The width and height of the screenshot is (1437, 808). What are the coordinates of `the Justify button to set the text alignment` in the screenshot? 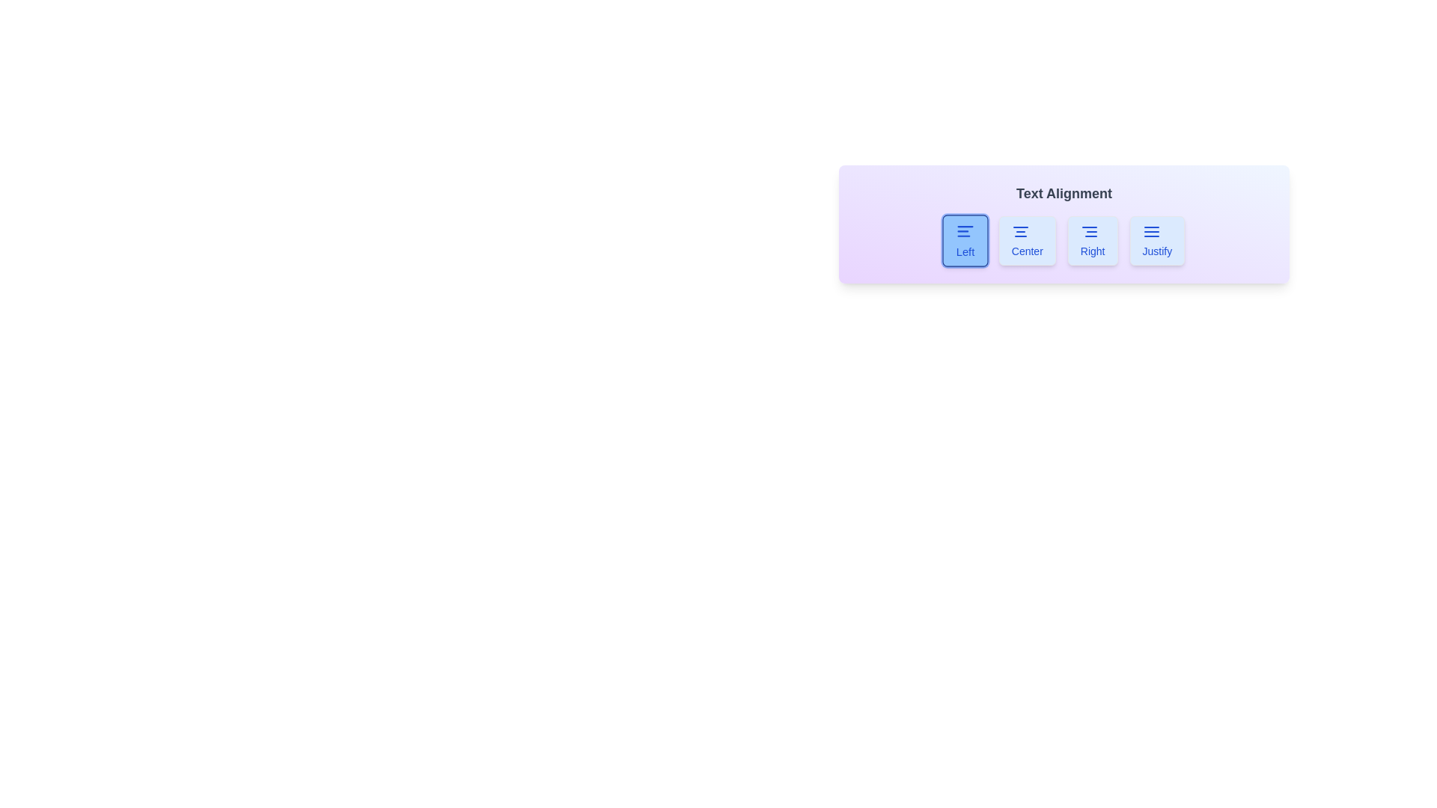 It's located at (1156, 239).